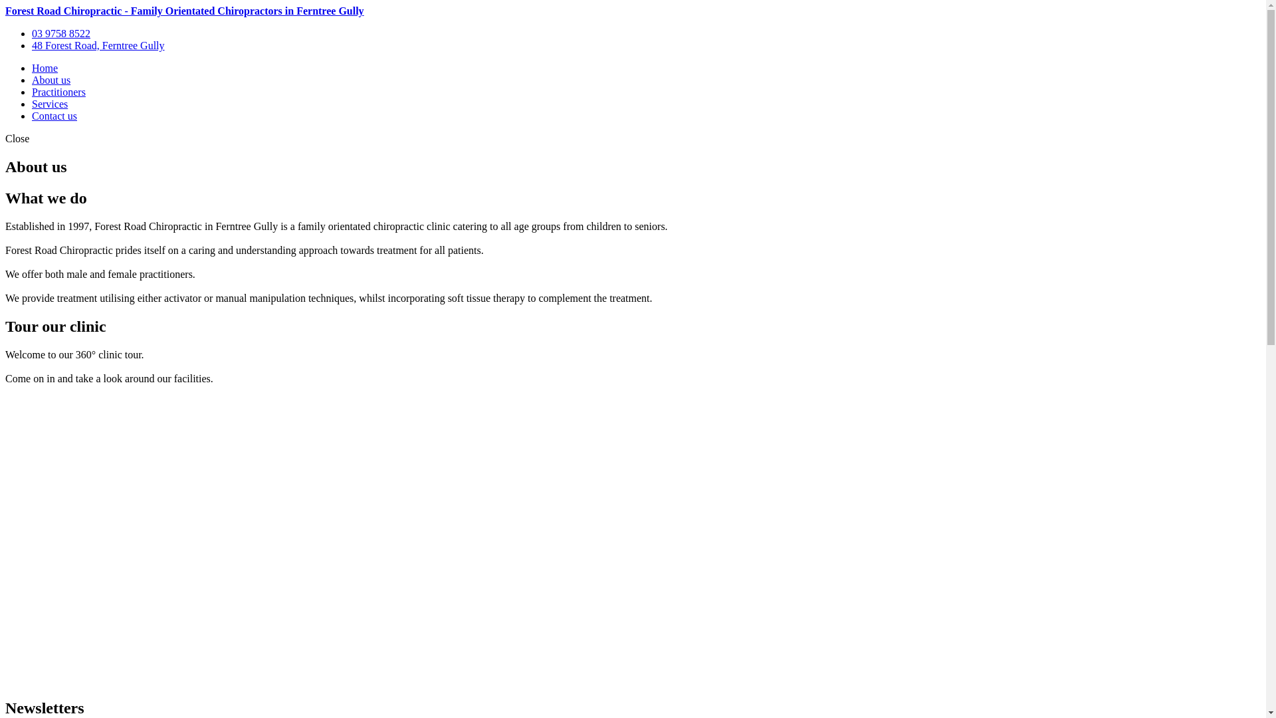 This screenshot has width=1276, height=718. Describe the element at coordinates (60, 33) in the screenshot. I see `'03 9758 8522'` at that location.